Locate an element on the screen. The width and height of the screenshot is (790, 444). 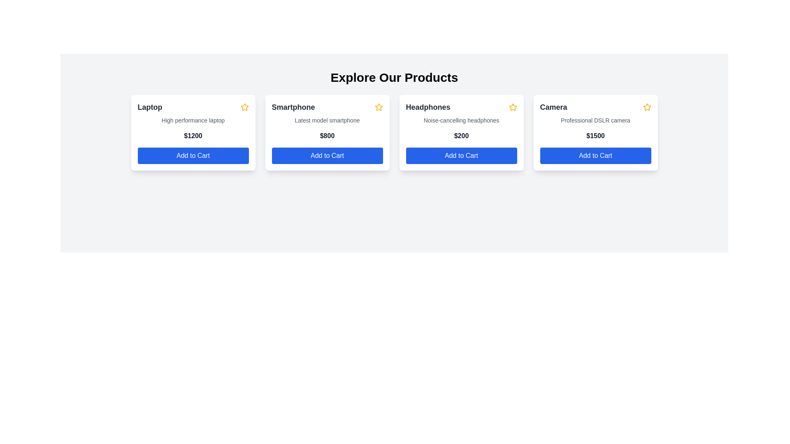
the price text displayed for the product 'Headphones' is located at coordinates (461, 136).